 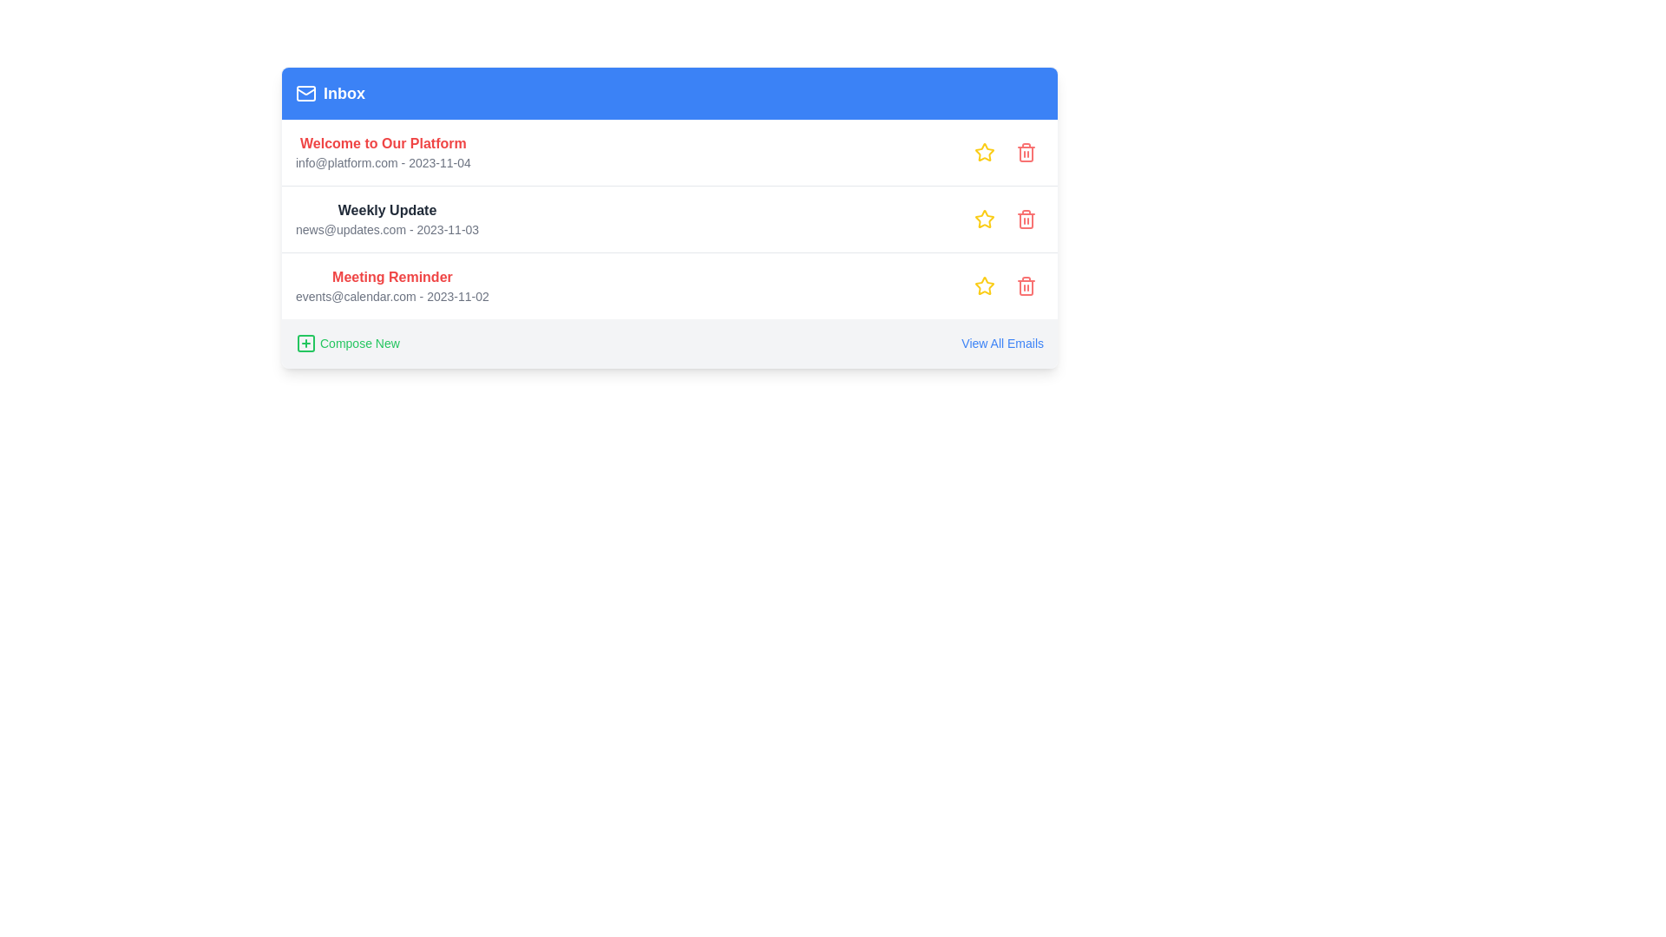 What do you see at coordinates (1026, 219) in the screenshot?
I see `the red trash bin icon button` at bounding box center [1026, 219].